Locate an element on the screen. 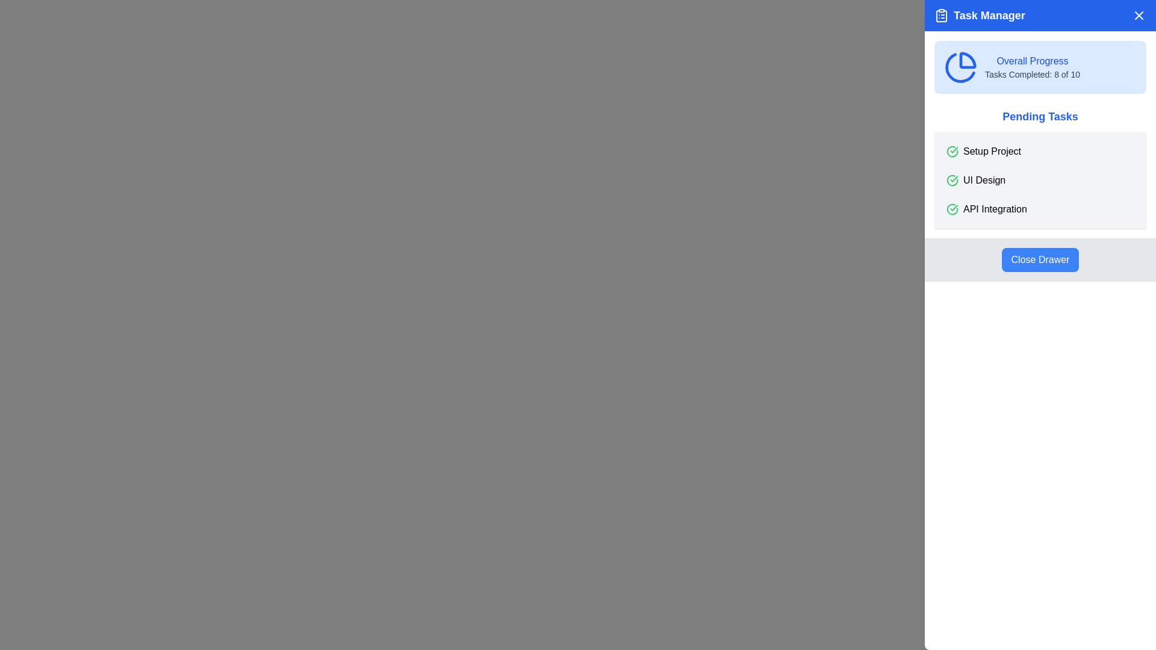  the static text label that states 'Tasks Completed: 8 of 10', which is located below the title 'Overall Progress' in the upper-right corner of the interface is located at coordinates (1031, 74).